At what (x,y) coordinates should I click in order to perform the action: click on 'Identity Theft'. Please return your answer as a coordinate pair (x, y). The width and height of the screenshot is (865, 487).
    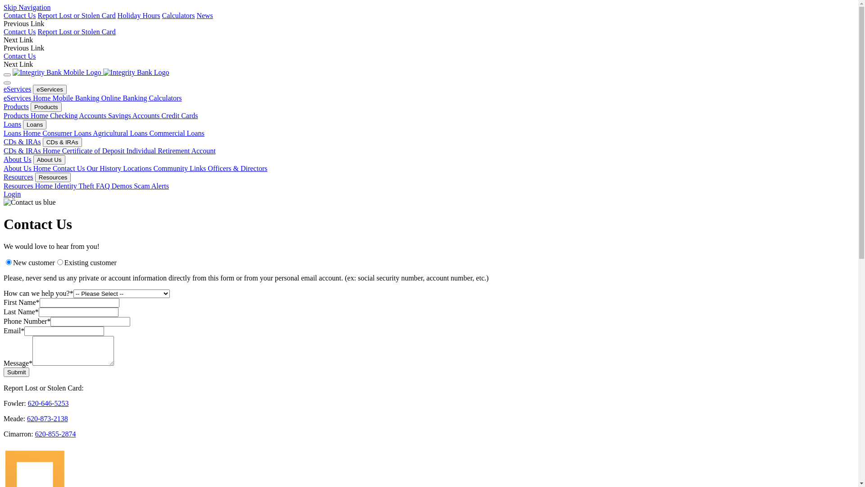
    Looking at the image, I should click on (75, 185).